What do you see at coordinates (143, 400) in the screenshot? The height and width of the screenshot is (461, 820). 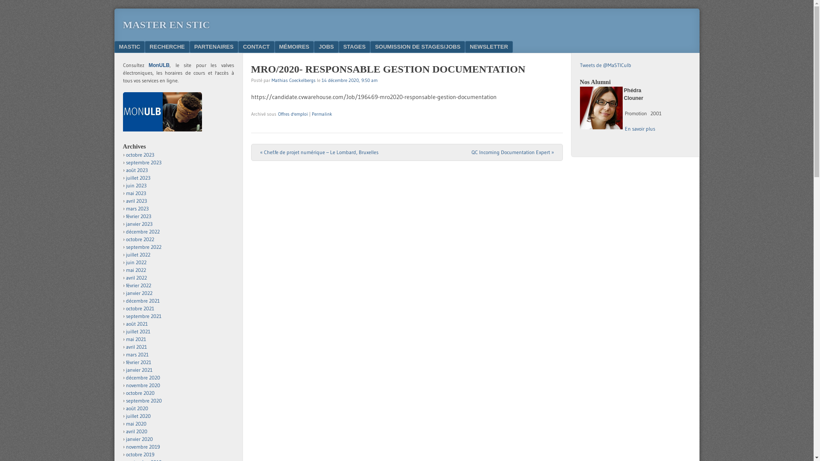 I see `'septembre 2020'` at bounding box center [143, 400].